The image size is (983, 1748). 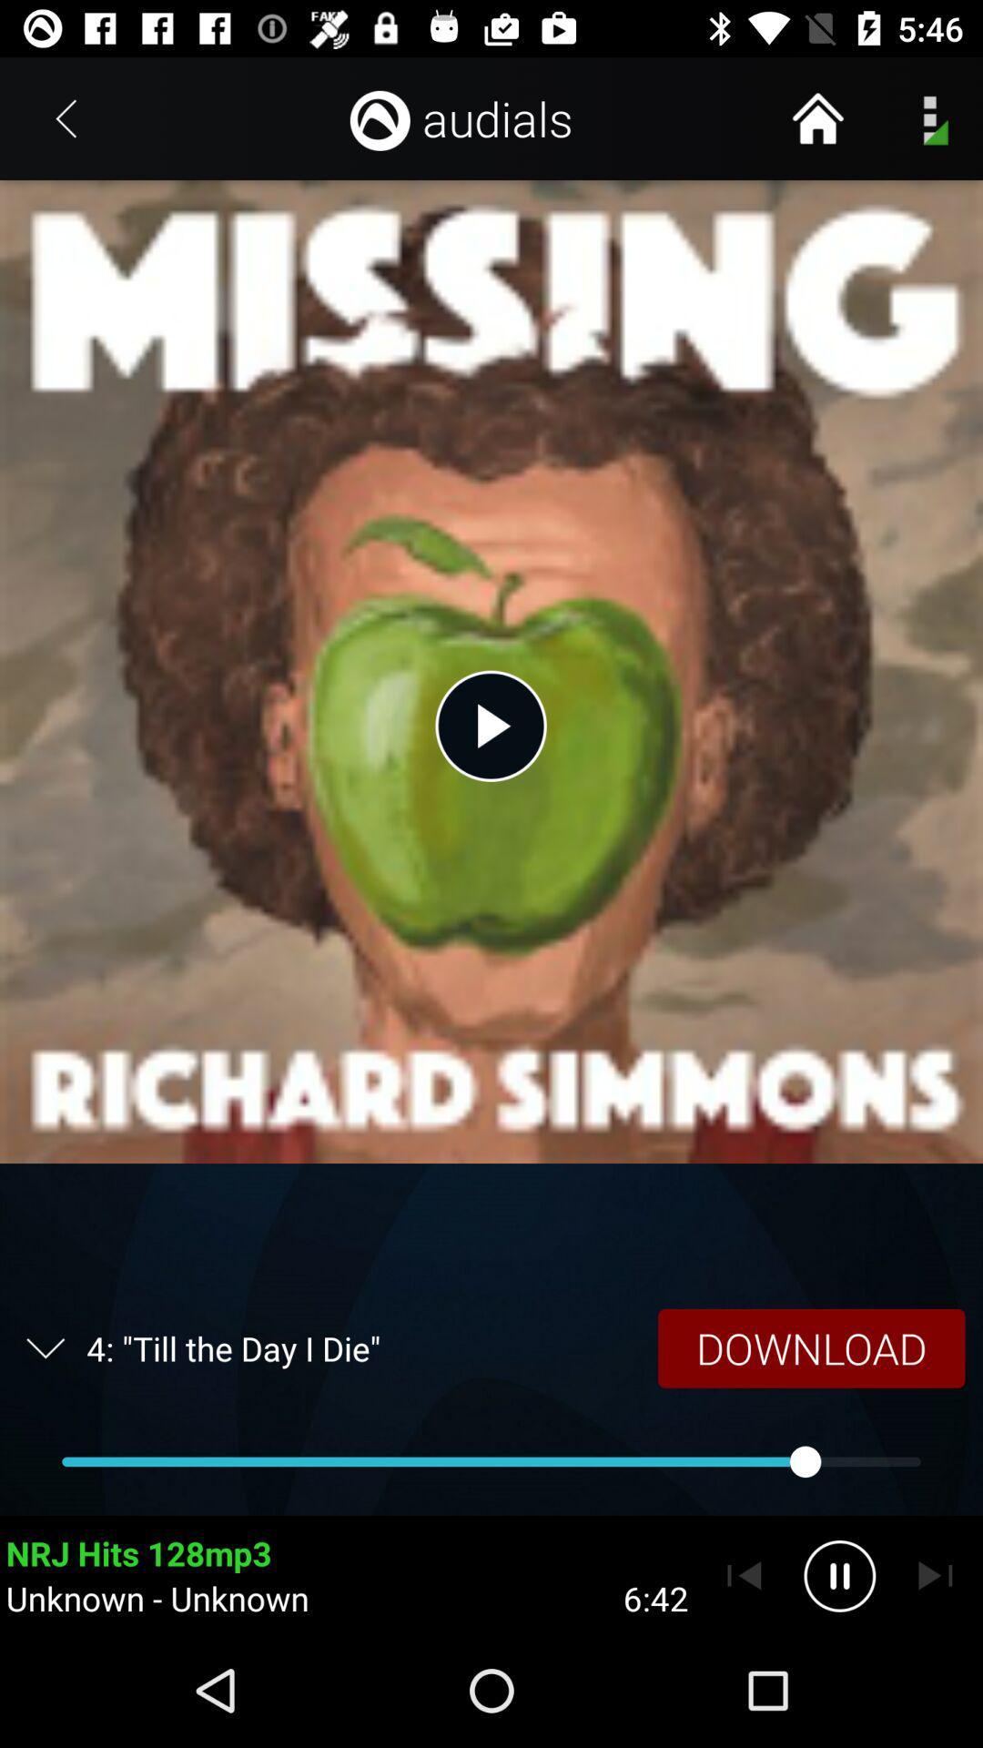 What do you see at coordinates (839, 1575) in the screenshot?
I see `the pause icon` at bounding box center [839, 1575].